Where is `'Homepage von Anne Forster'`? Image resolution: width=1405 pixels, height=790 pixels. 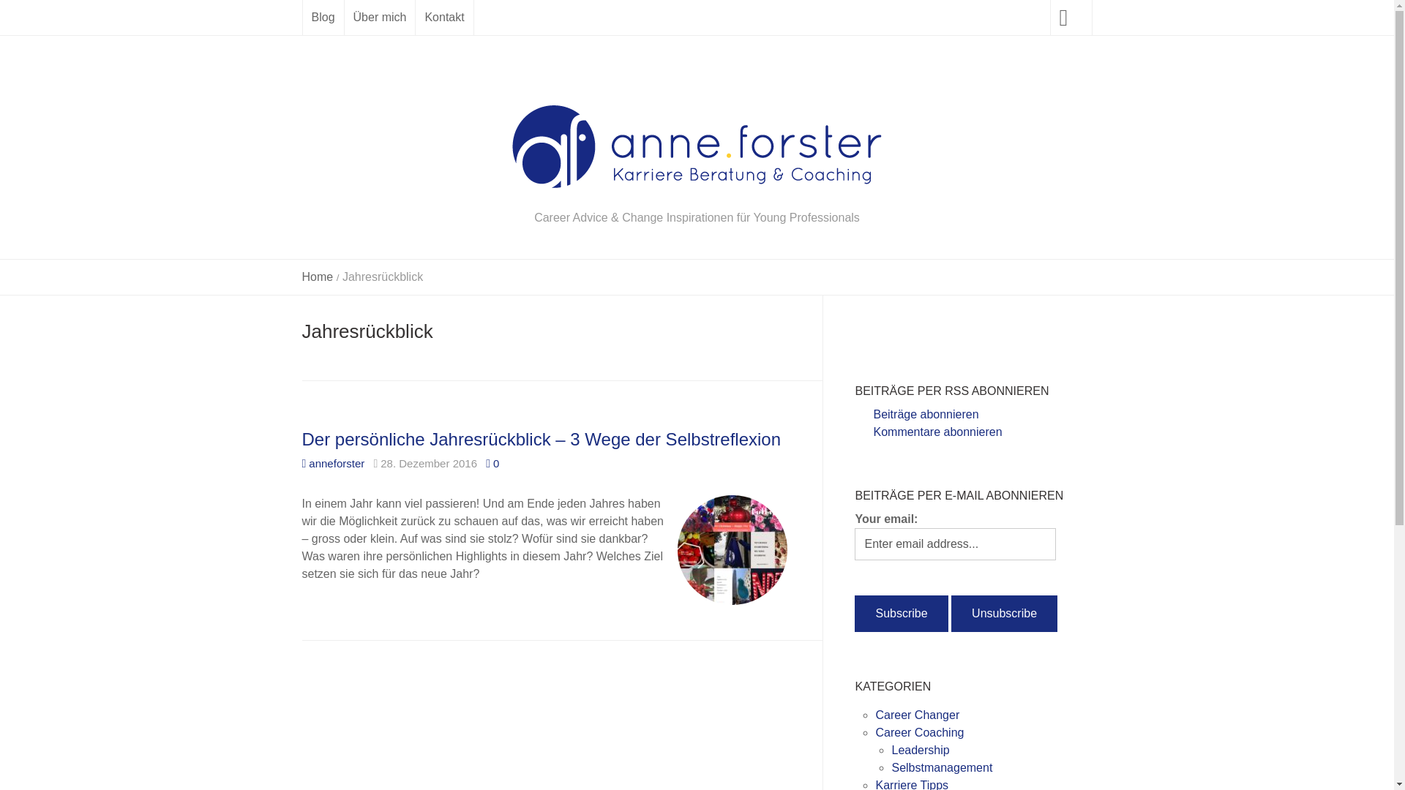 'Homepage von Anne Forster' is located at coordinates (953, 329).